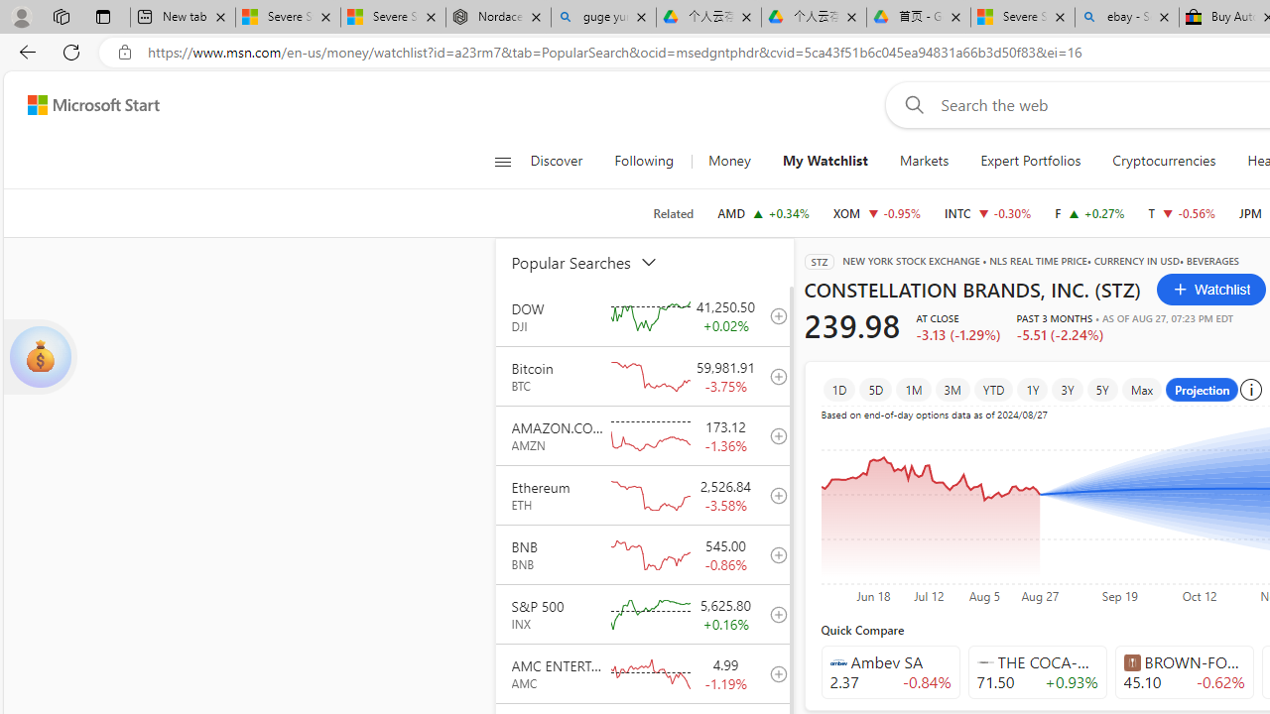 Image resolution: width=1270 pixels, height=714 pixels. I want to click on 'Popular Searches', so click(595, 261).